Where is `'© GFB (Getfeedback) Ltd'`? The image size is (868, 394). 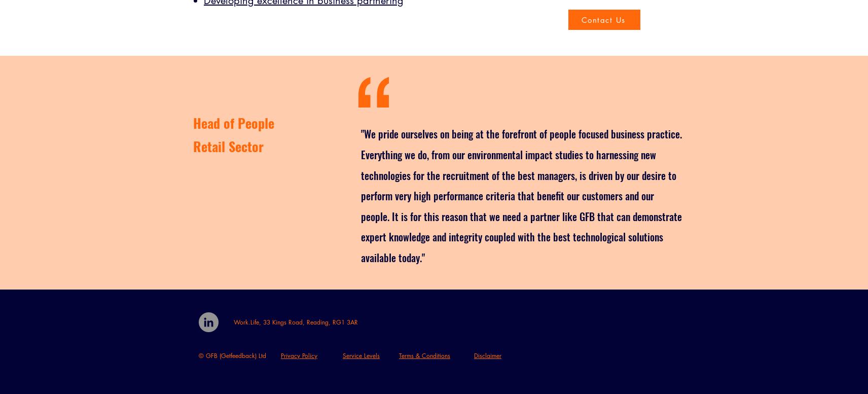
'© GFB (Getfeedback) Ltd' is located at coordinates (232, 355).